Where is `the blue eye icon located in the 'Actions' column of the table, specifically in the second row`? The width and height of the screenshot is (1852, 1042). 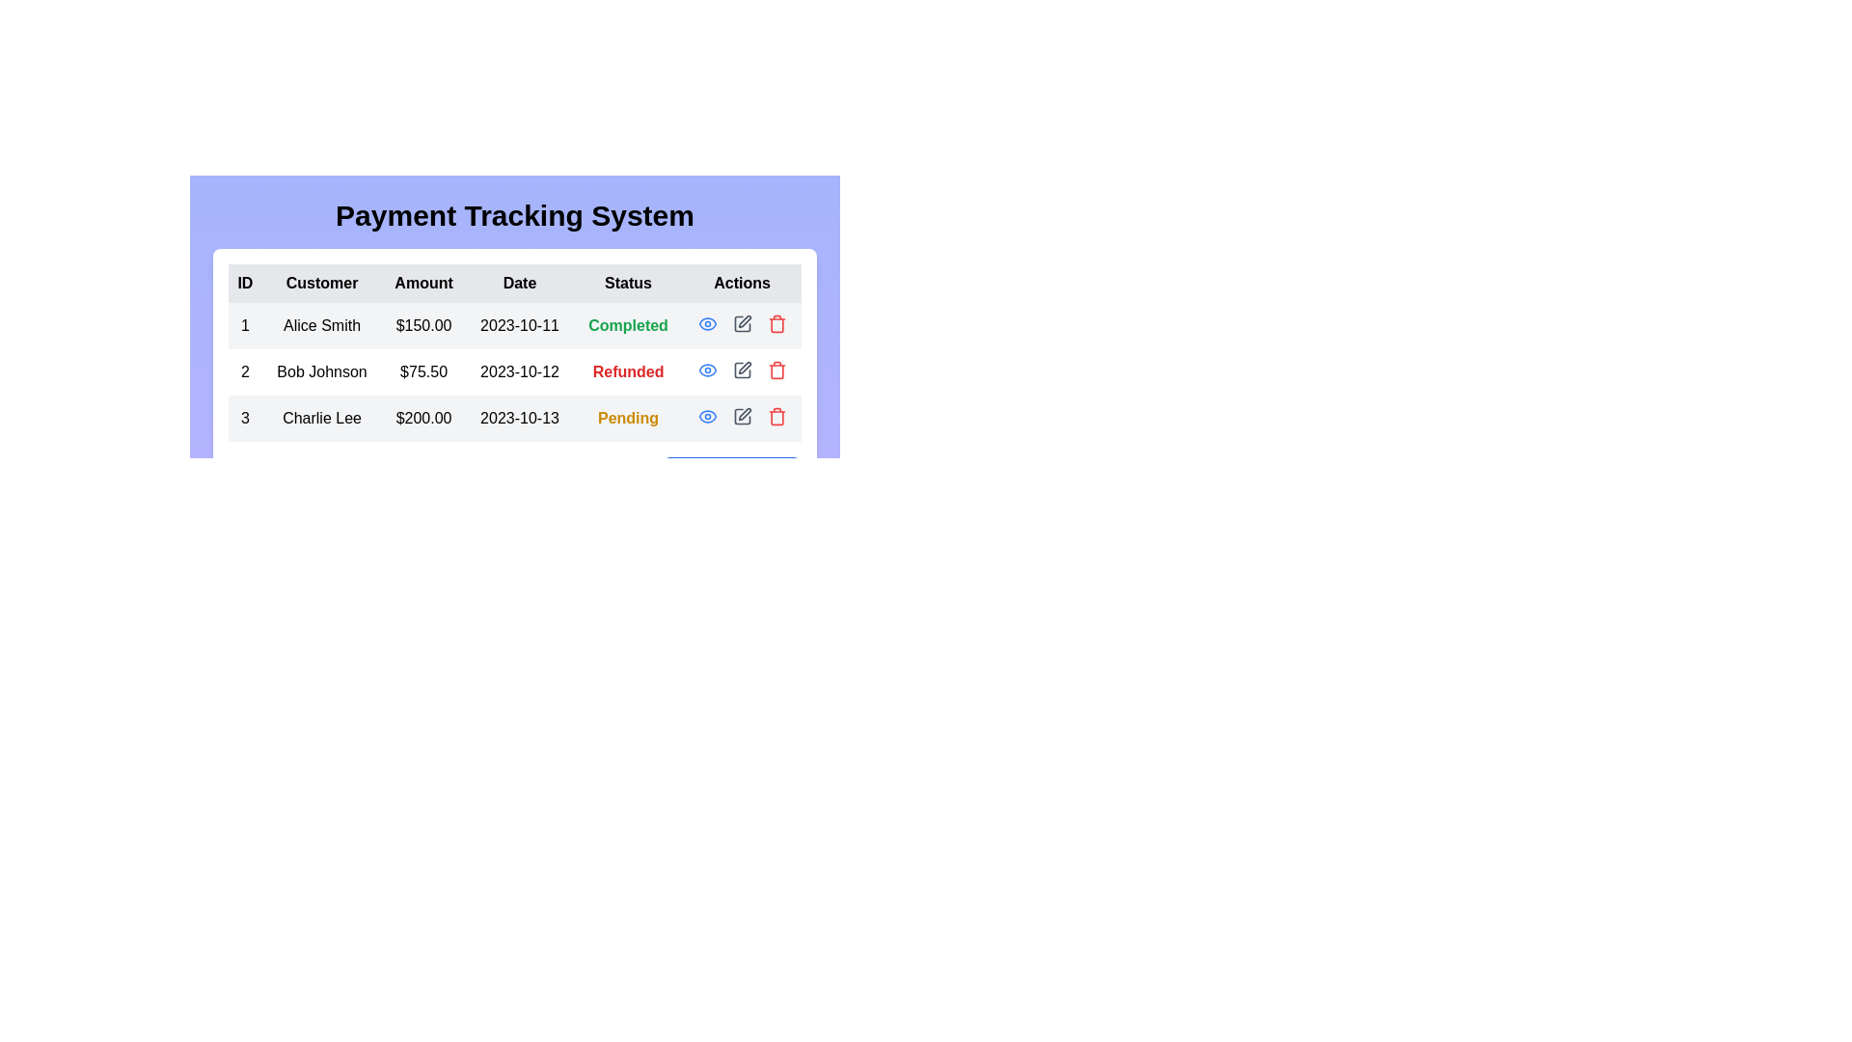
the blue eye icon located in the 'Actions' column of the table, specifically in the second row is located at coordinates (706, 322).